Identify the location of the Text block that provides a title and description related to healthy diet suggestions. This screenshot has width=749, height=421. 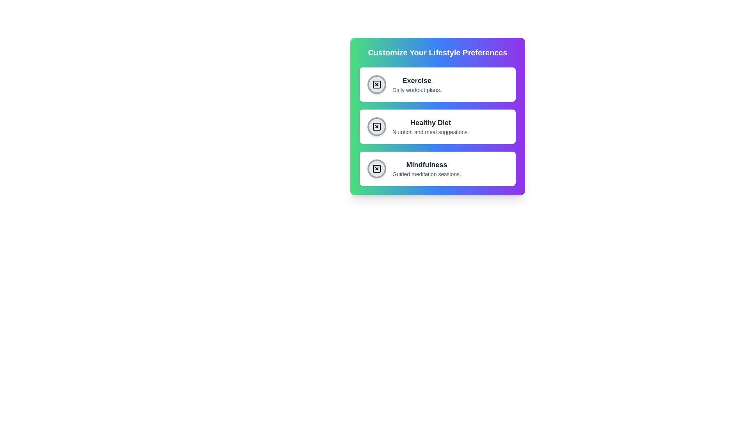
(430, 126).